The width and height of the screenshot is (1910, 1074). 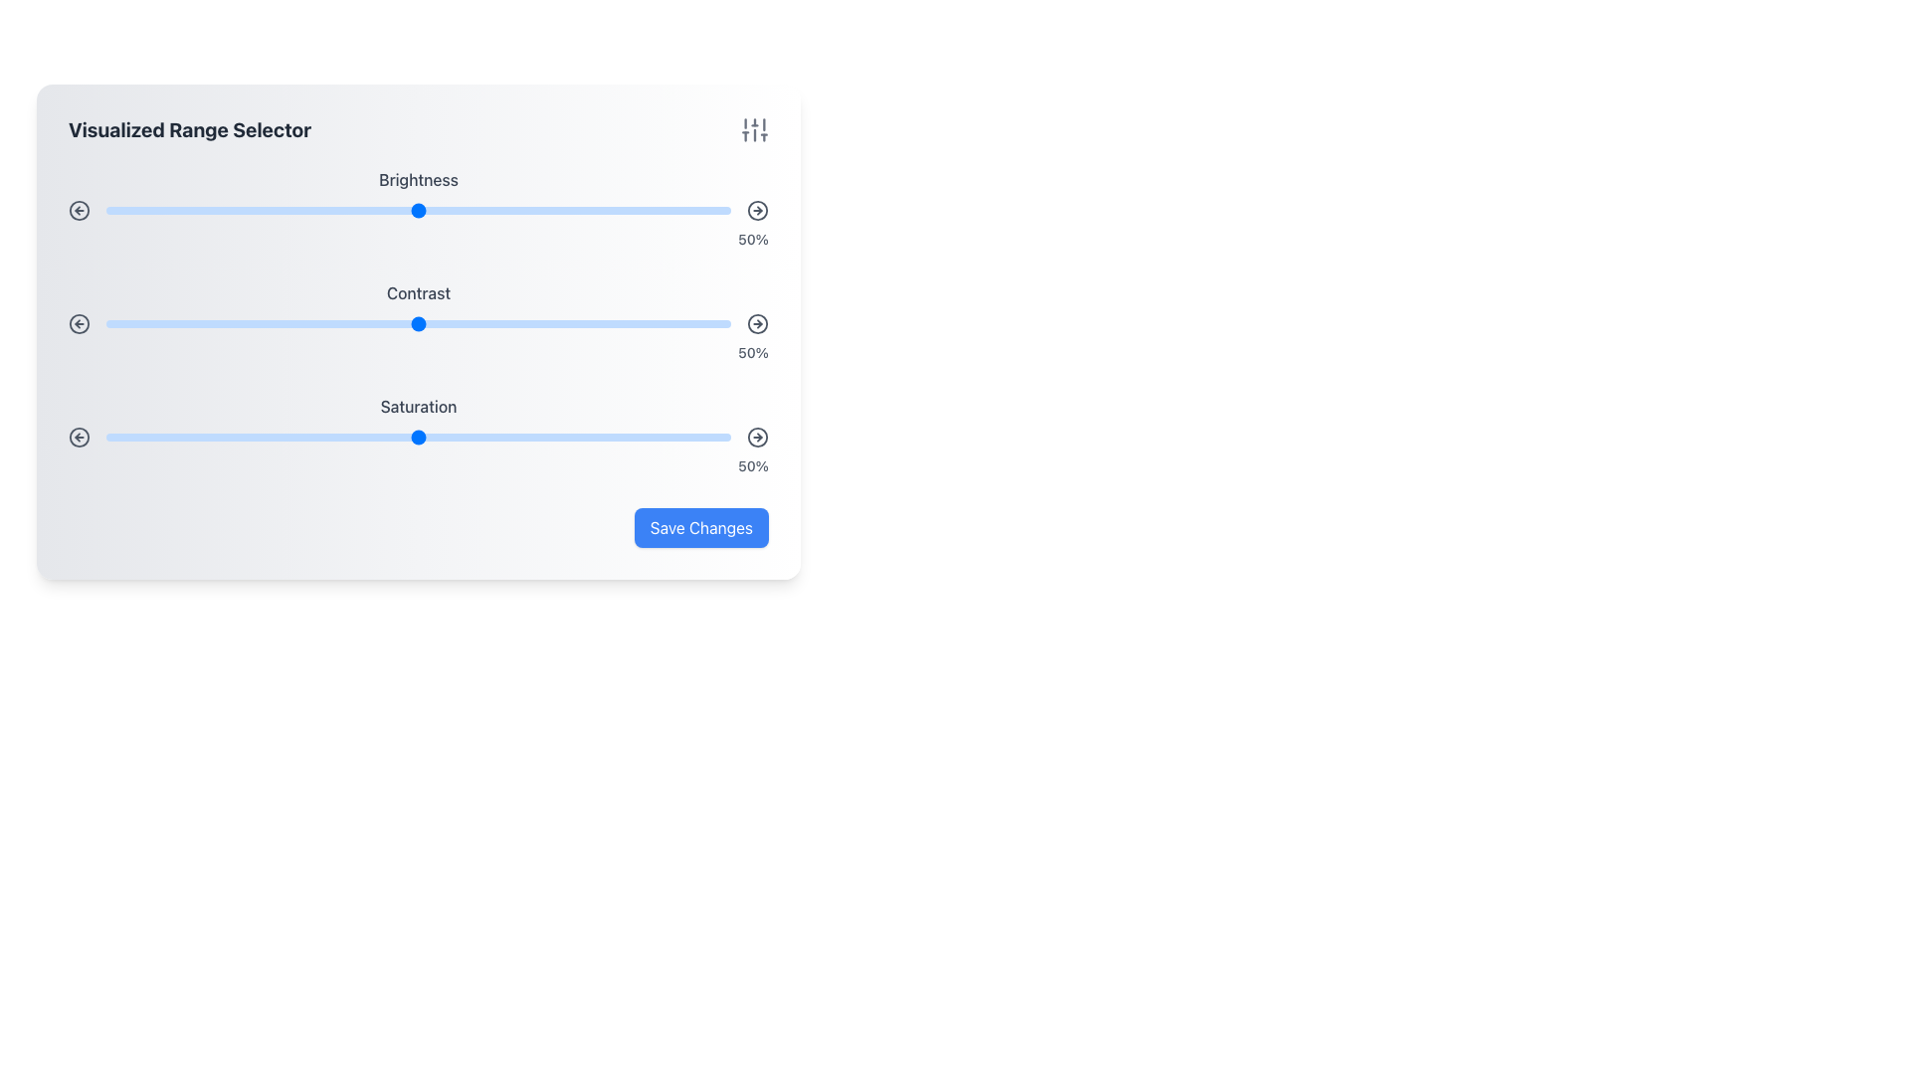 I want to click on the slider value, so click(x=130, y=323).